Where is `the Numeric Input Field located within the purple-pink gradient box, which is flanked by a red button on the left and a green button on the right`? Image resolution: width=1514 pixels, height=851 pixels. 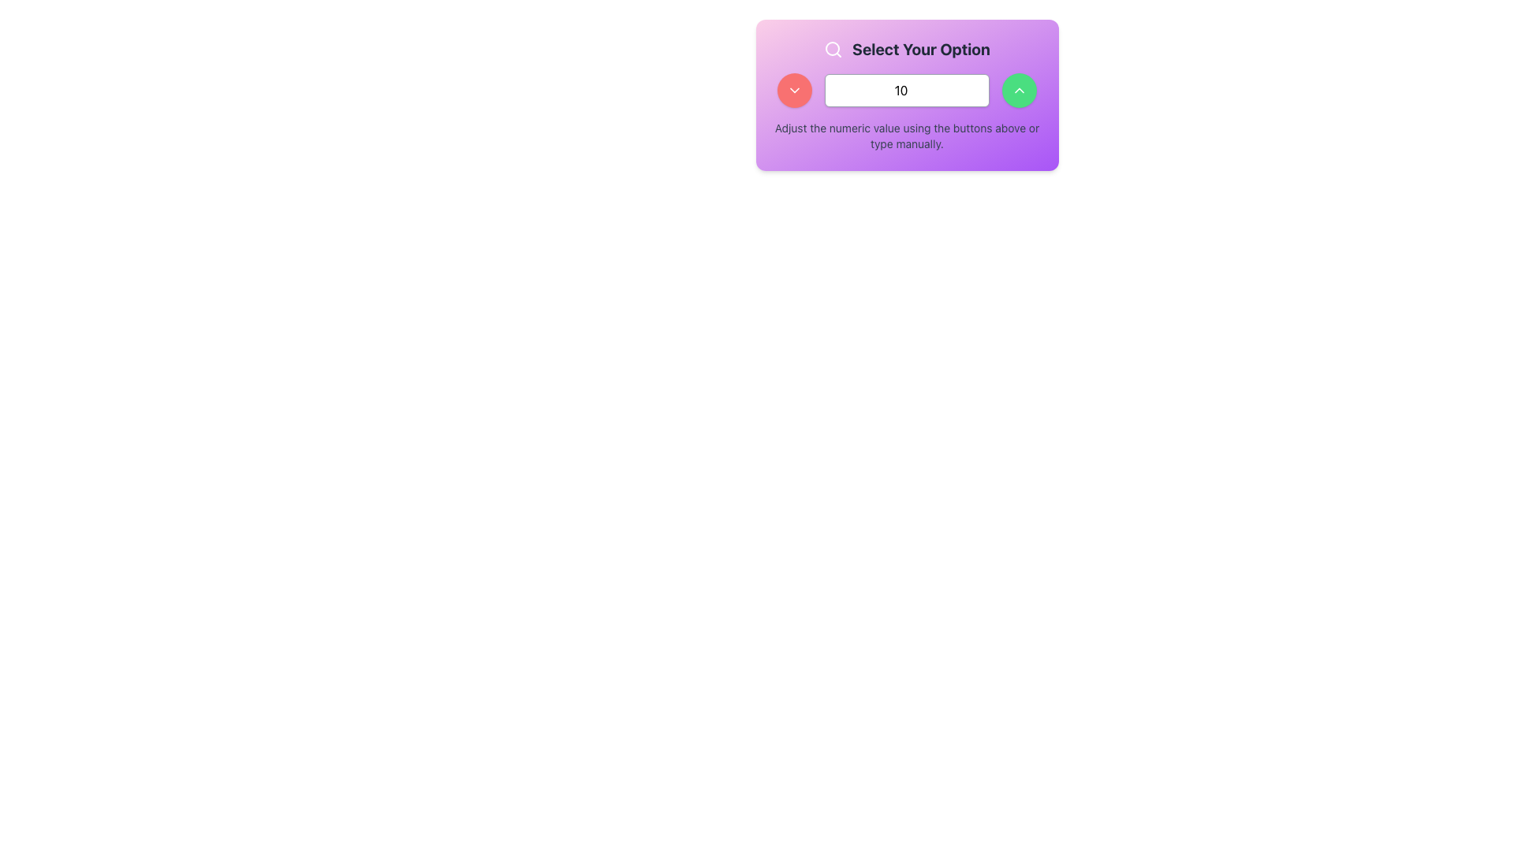
the Numeric Input Field located within the purple-pink gradient box, which is flanked by a red button on the left and a green button on the right is located at coordinates (907, 95).